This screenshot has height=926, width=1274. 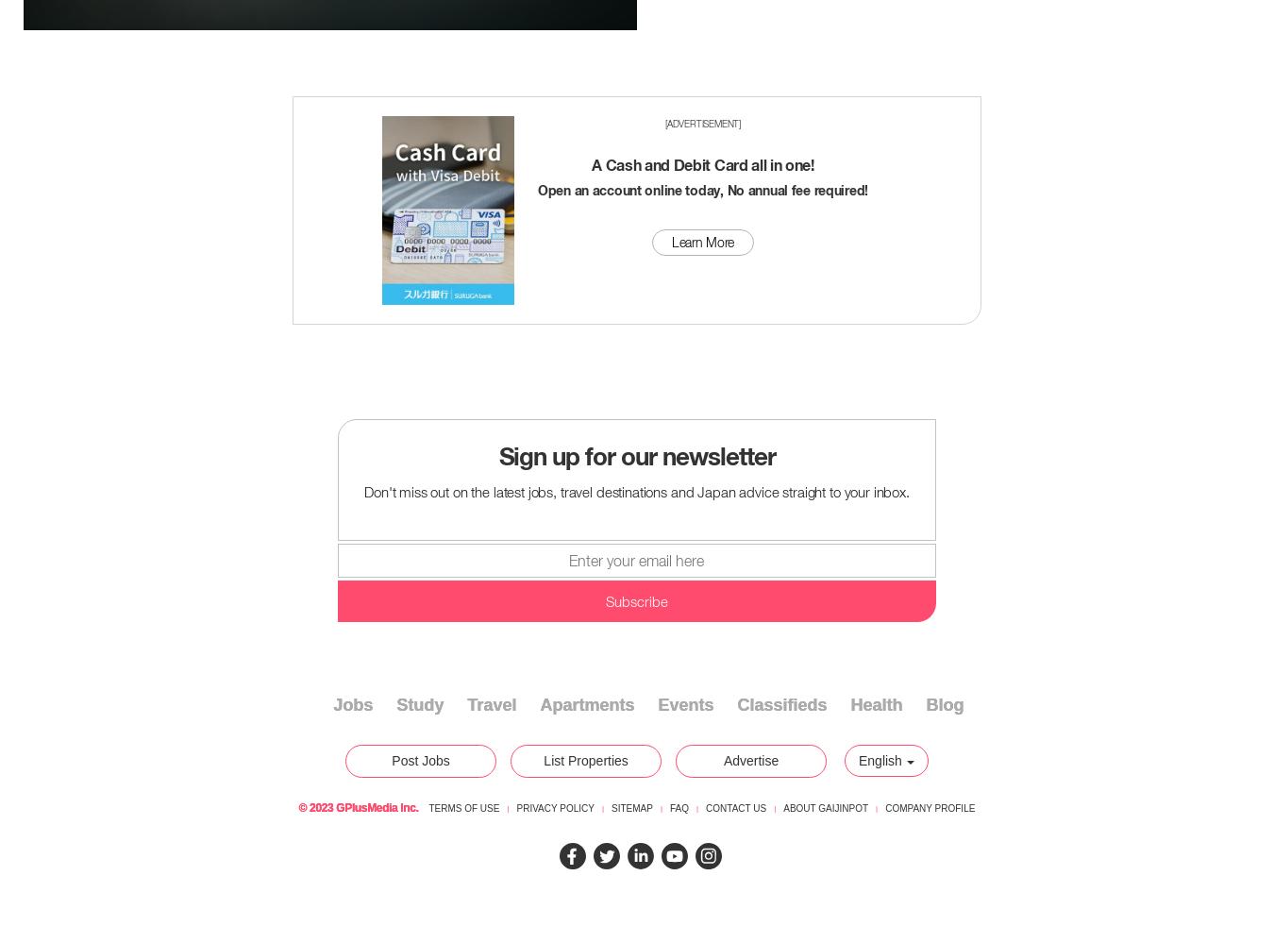 What do you see at coordinates (849, 705) in the screenshot?
I see `'Health'` at bounding box center [849, 705].